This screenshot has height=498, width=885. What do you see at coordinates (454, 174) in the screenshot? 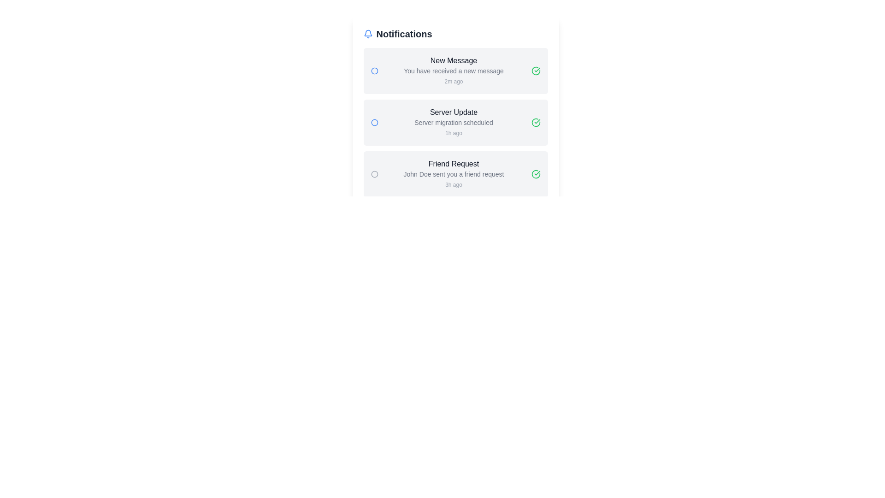
I see `notification card titled 'Friend Request' from John Doe, which is located in the notifications panel` at bounding box center [454, 174].